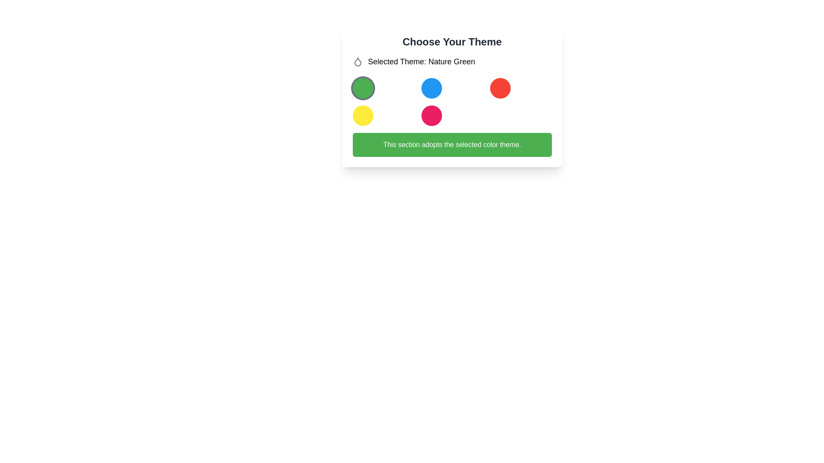 The height and width of the screenshot is (463, 824). What do you see at coordinates (357, 61) in the screenshot?
I see `the droplet-shaped icon with a thin black outline, located in the top-left of the theme selection panel next to 'Selected Theme: Nature Green'` at bounding box center [357, 61].